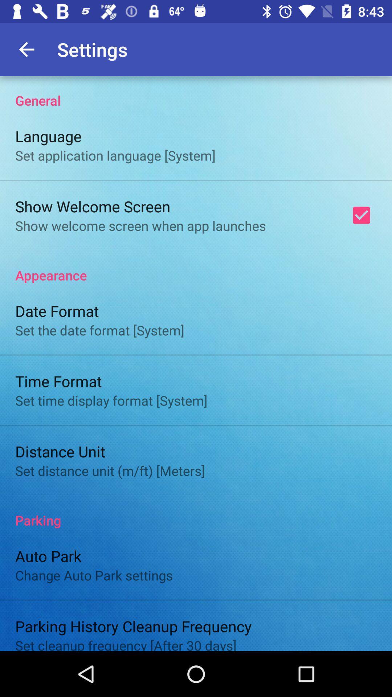 The image size is (392, 697). Describe the element at coordinates (133, 625) in the screenshot. I see `parking history cleanup` at that location.